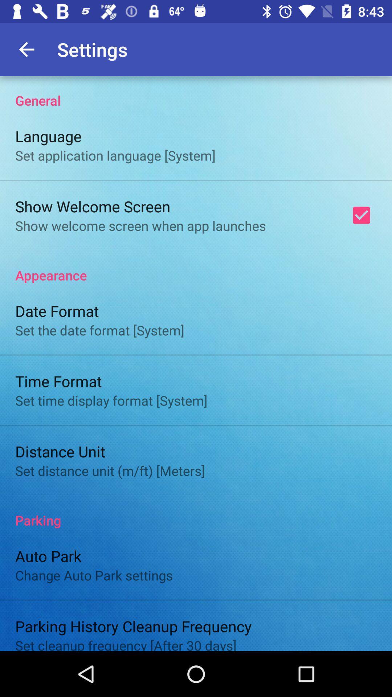 The image size is (392, 697). Describe the element at coordinates (133, 625) in the screenshot. I see `parking history cleanup` at that location.